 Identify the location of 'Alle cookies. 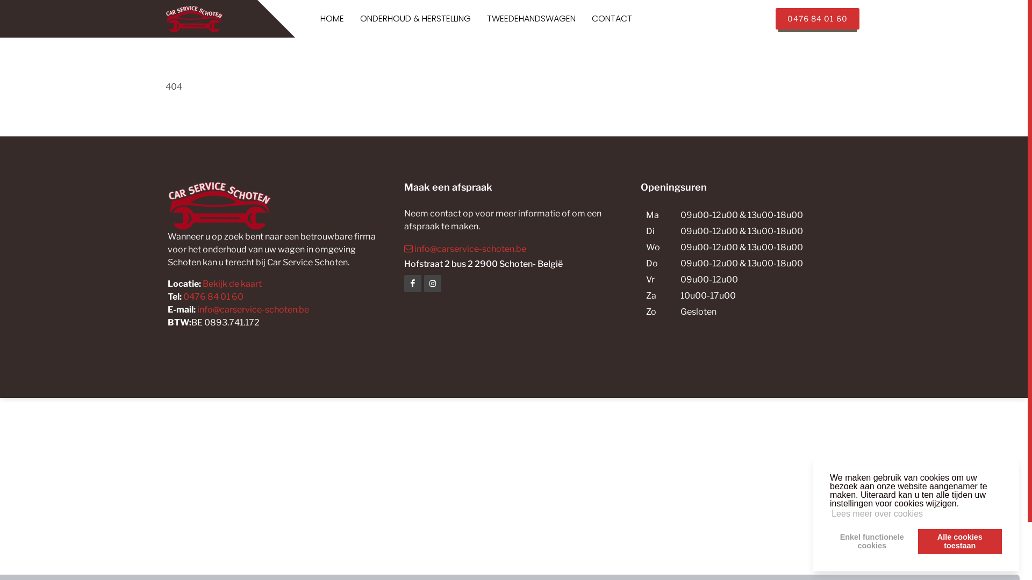
(959, 541).